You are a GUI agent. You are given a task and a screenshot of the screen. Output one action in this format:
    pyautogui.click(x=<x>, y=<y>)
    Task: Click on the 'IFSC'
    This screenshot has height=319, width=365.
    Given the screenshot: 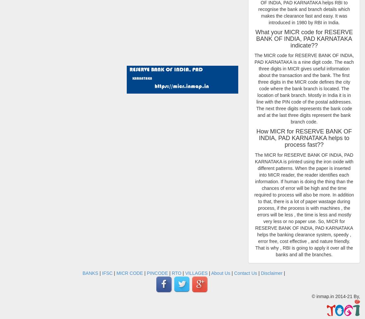 What is the action you would take?
    pyautogui.click(x=107, y=273)
    